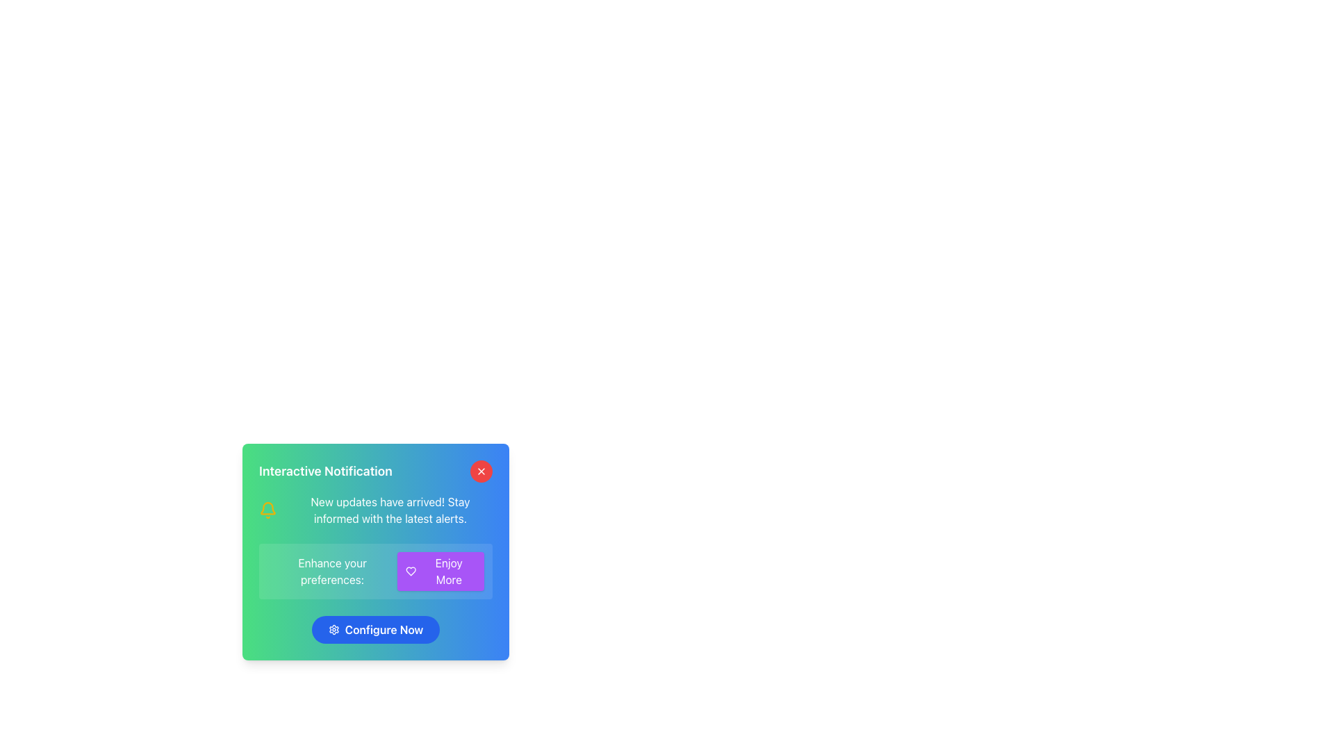 The width and height of the screenshot is (1334, 750). Describe the element at coordinates (376, 571) in the screenshot. I see `the 'Enjoy More' button within the notification panel` at that location.